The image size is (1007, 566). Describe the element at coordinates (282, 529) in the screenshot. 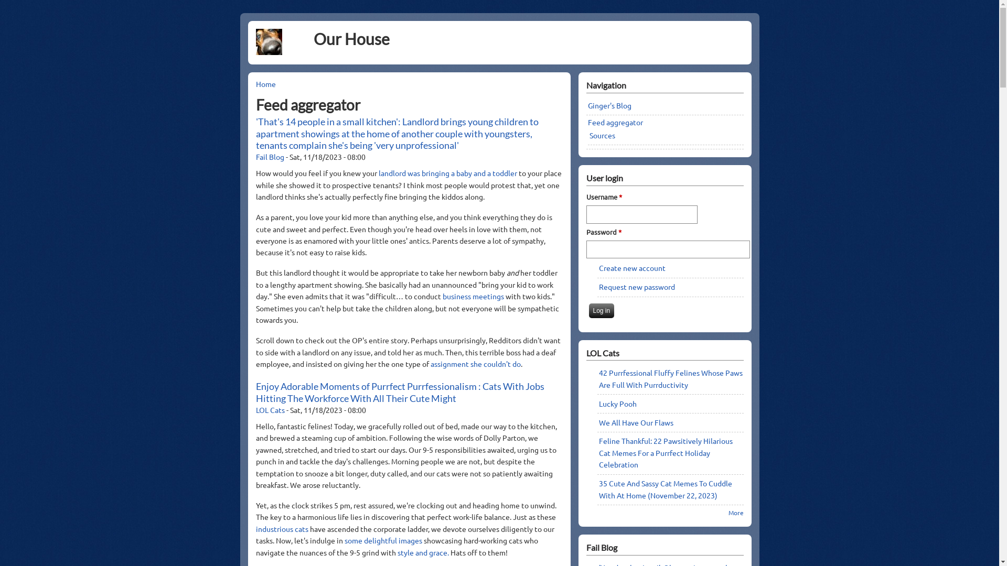

I see `'industrious cats'` at that location.